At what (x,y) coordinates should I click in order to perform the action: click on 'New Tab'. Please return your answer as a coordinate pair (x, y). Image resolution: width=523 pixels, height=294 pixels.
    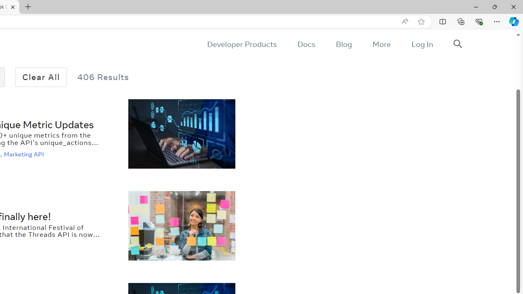
    Looking at the image, I should click on (28, 7).